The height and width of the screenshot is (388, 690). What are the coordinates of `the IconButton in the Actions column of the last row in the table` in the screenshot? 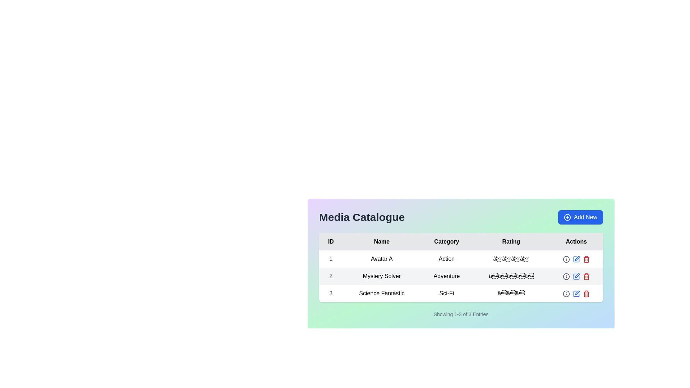 It's located at (566, 294).